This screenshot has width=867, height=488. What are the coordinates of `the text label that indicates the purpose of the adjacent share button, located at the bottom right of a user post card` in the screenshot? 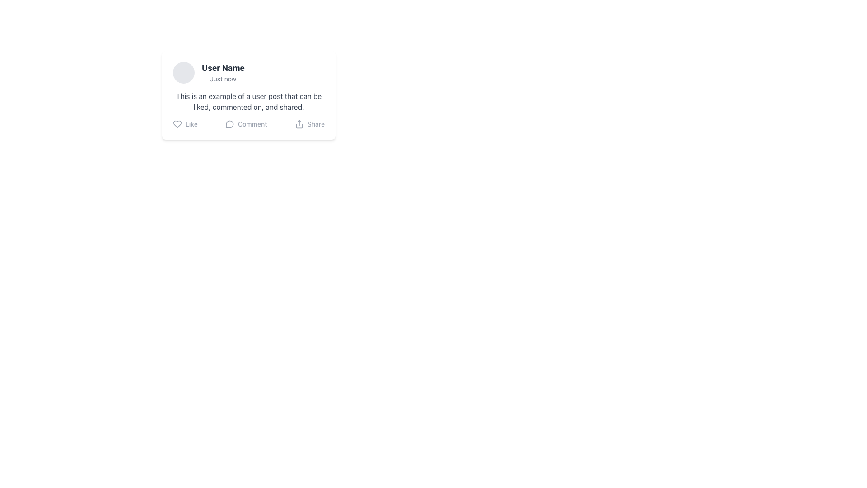 It's located at (316, 124).